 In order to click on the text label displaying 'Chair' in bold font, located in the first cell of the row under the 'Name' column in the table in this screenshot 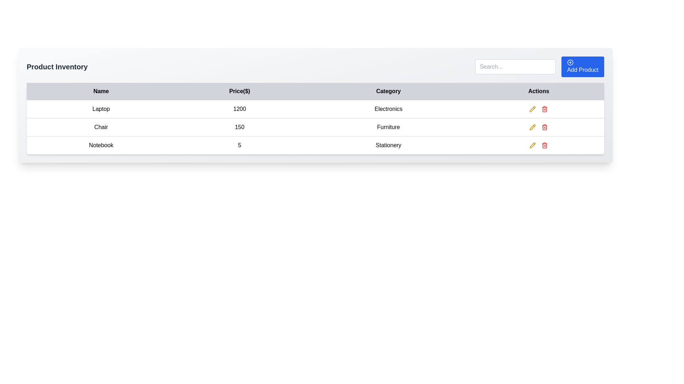, I will do `click(100, 127)`.